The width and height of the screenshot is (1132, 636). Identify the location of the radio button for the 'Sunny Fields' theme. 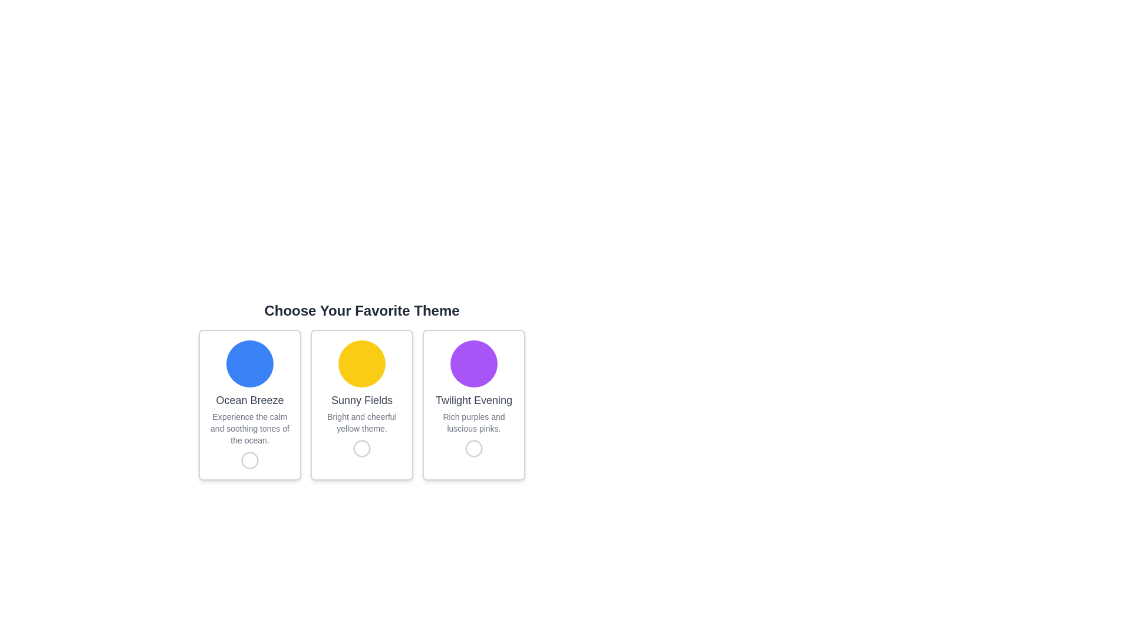
(361, 449).